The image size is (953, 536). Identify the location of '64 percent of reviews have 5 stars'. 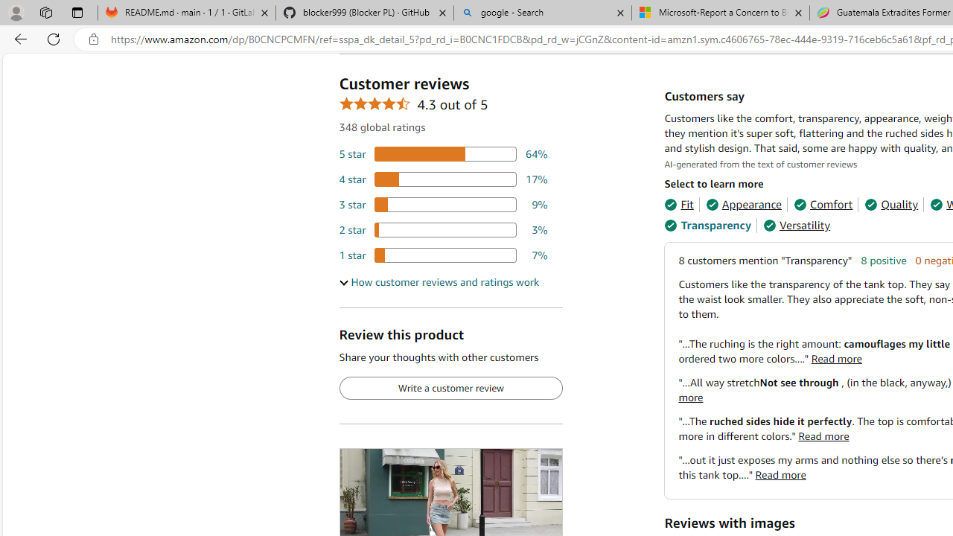
(442, 154).